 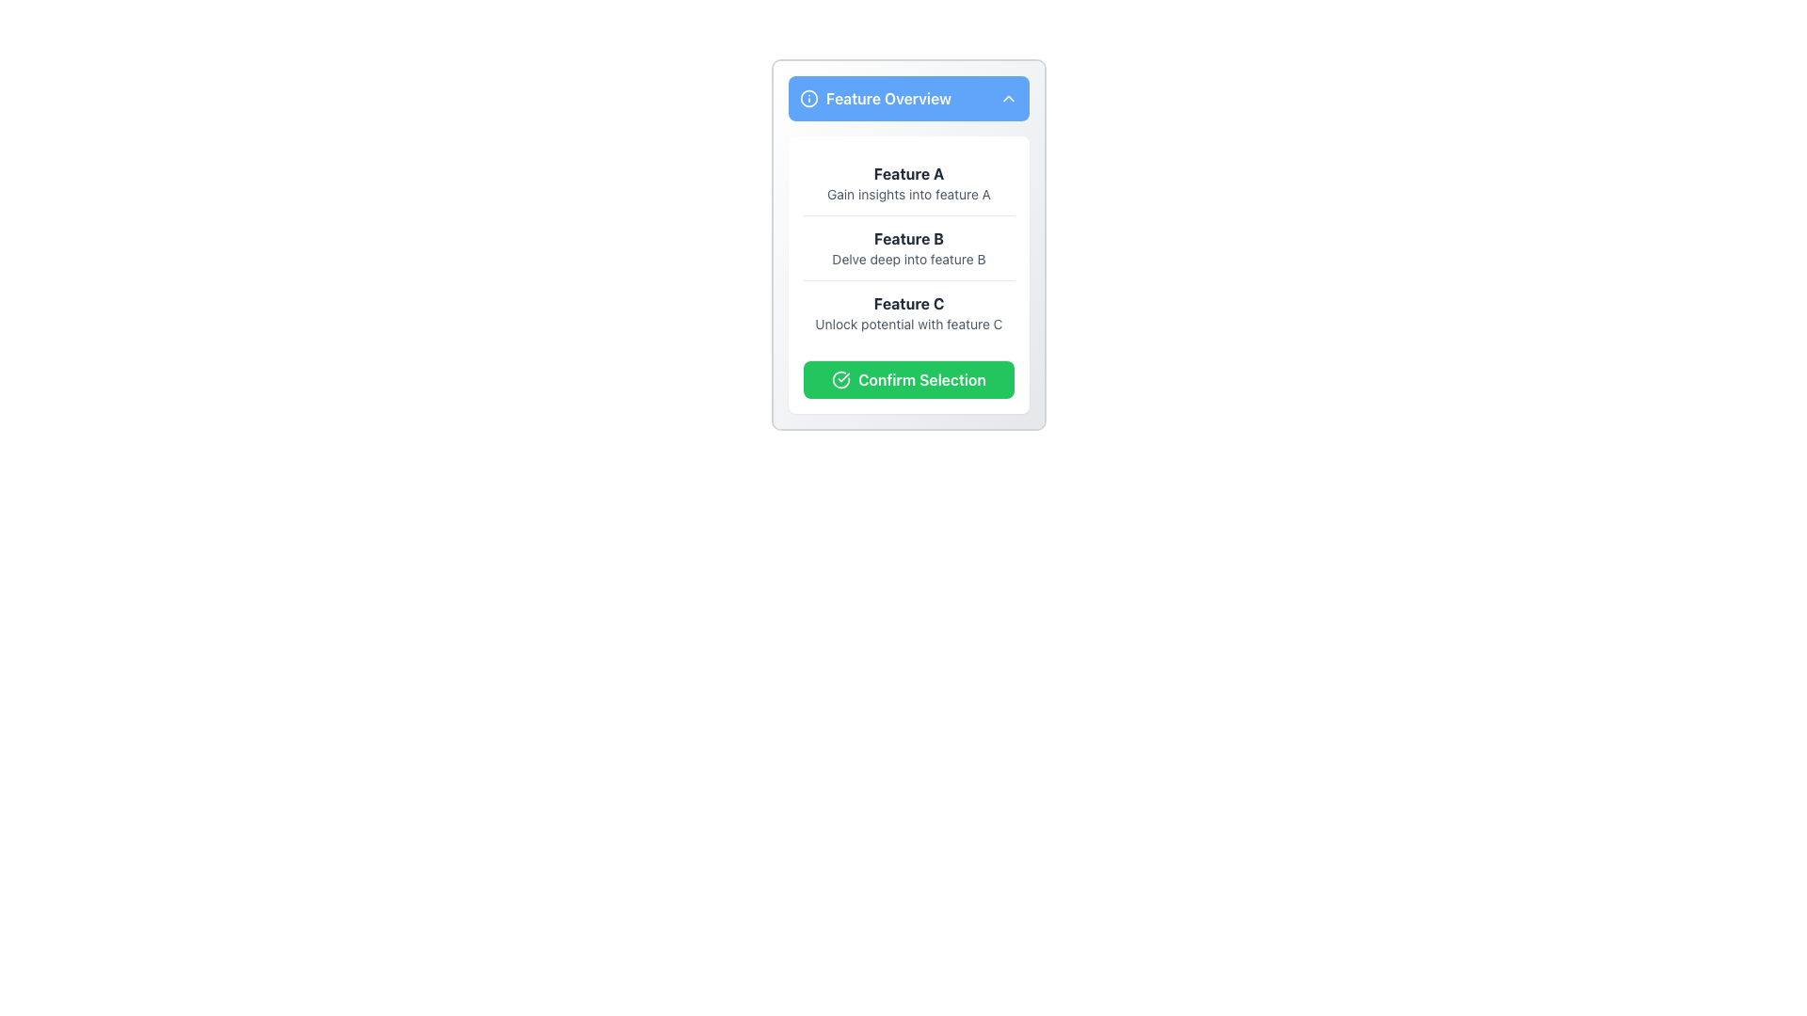 What do you see at coordinates (1007, 98) in the screenshot?
I see `the chevron icon located on the far right side of the blue-colored header bar` at bounding box center [1007, 98].